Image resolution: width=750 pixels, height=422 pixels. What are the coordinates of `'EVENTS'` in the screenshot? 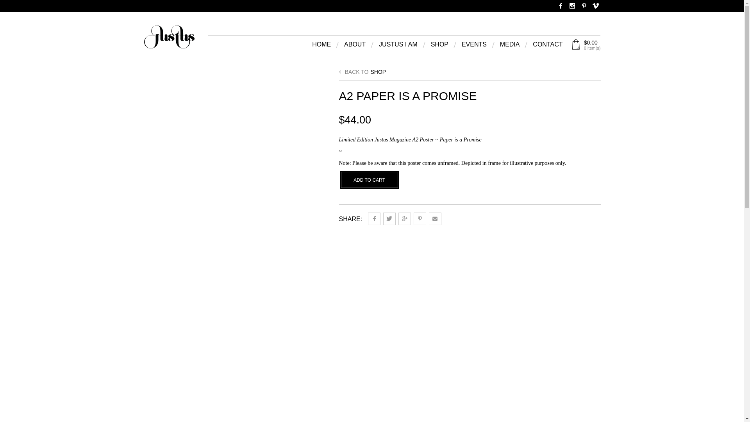 It's located at (461, 46).